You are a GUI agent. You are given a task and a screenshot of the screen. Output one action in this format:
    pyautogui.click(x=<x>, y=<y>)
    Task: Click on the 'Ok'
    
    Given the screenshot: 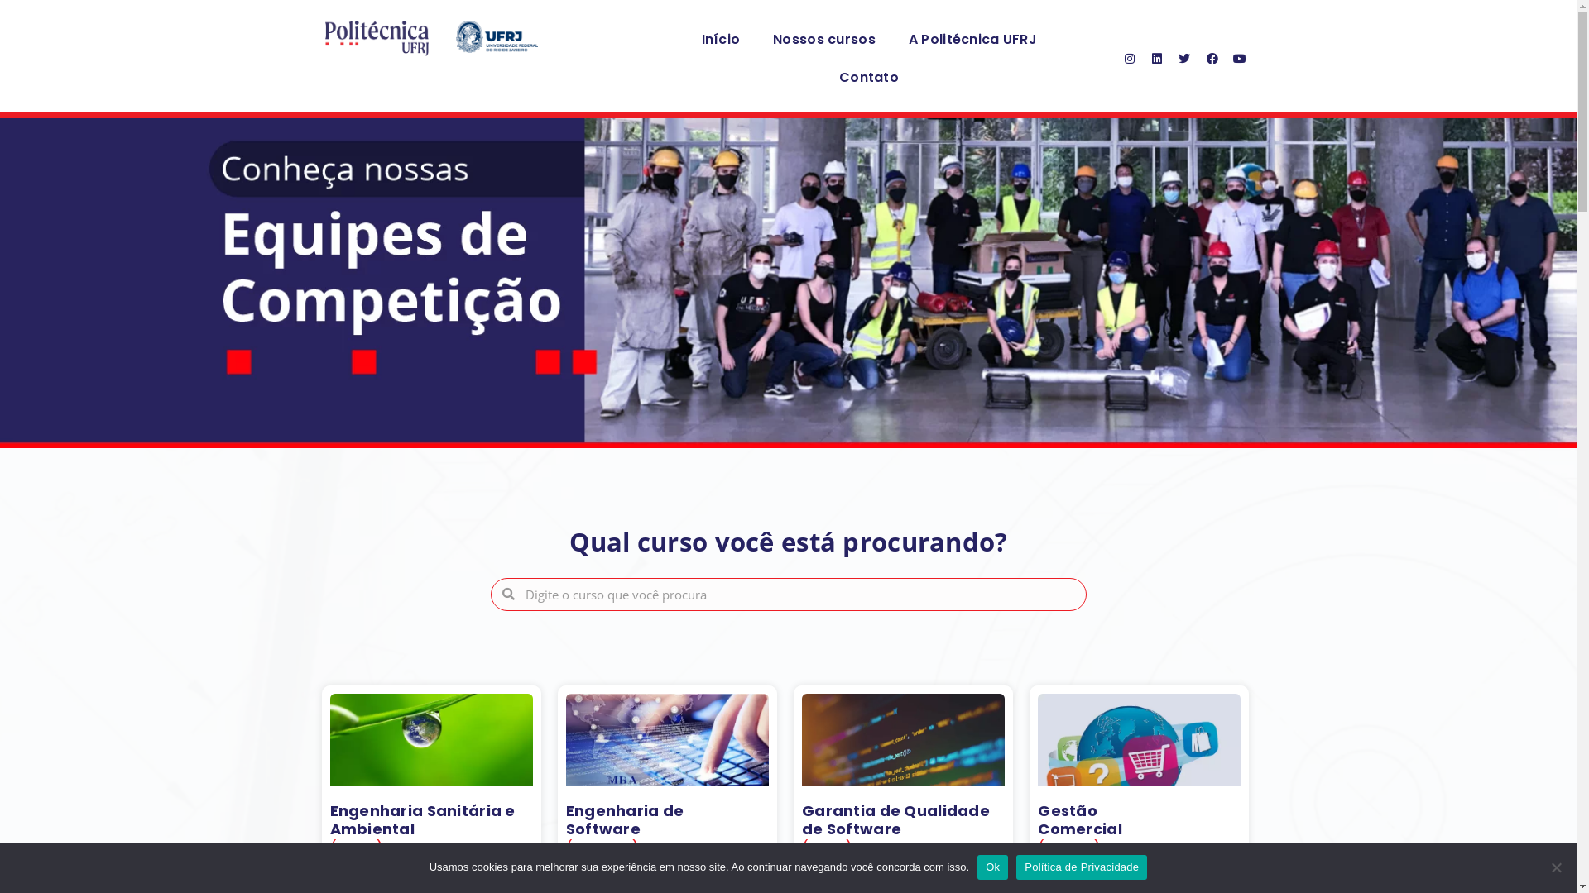 What is the action you would take?
    pyautogui.click(x=992, y=867)
    